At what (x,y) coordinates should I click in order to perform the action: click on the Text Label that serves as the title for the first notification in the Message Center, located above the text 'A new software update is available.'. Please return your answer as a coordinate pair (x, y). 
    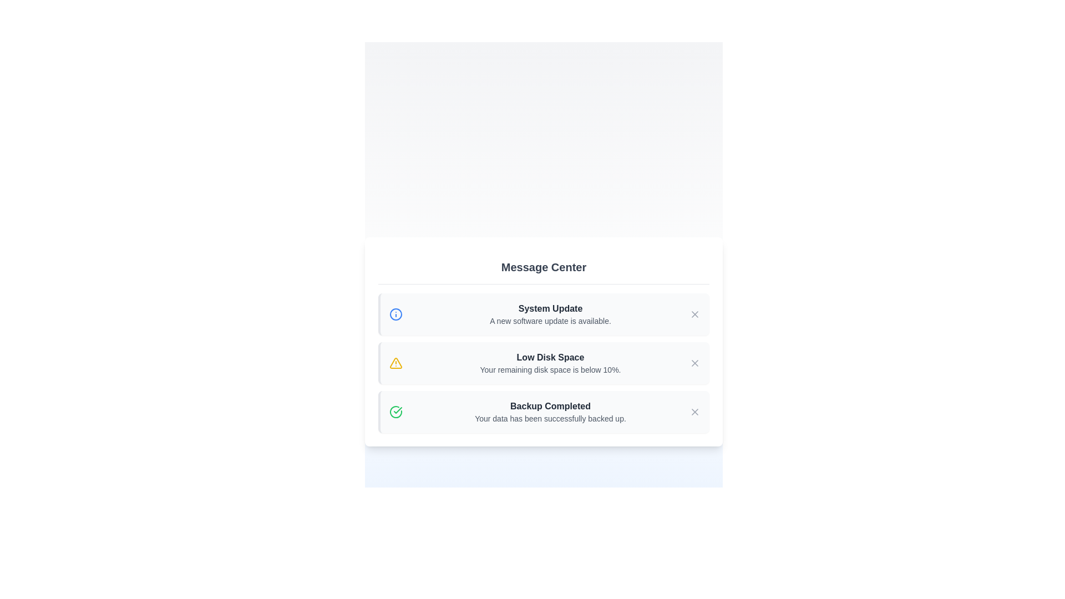
    Looking at the image, I should click on (550, 308).